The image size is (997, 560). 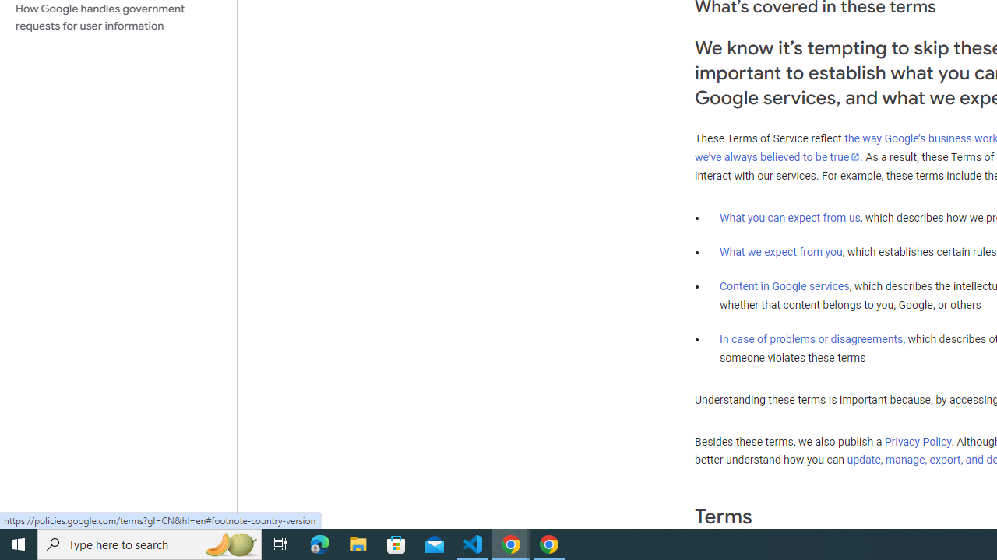 I want to click on 'What you can expect from us', so click(x=790, y=217).